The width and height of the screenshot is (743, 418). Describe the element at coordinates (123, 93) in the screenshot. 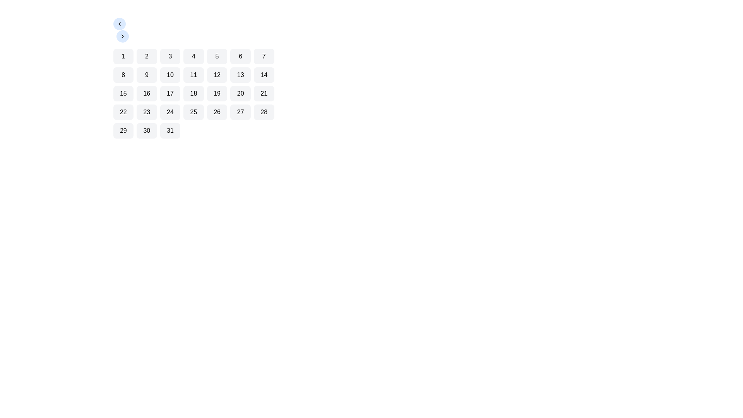

I see `the button representing the 15th day of the month in the calendar grid` at that location.